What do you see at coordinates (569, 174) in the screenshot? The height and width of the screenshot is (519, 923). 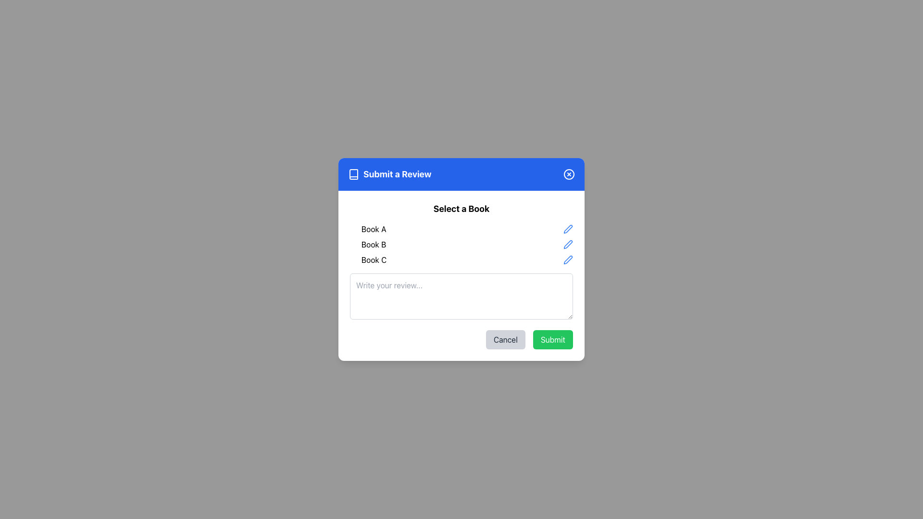 I see `the circular button with an 'X' symbol in the top-right corner of the 'Submit a Review' card header to trigger hover effects` at bounding box center [569, 174].